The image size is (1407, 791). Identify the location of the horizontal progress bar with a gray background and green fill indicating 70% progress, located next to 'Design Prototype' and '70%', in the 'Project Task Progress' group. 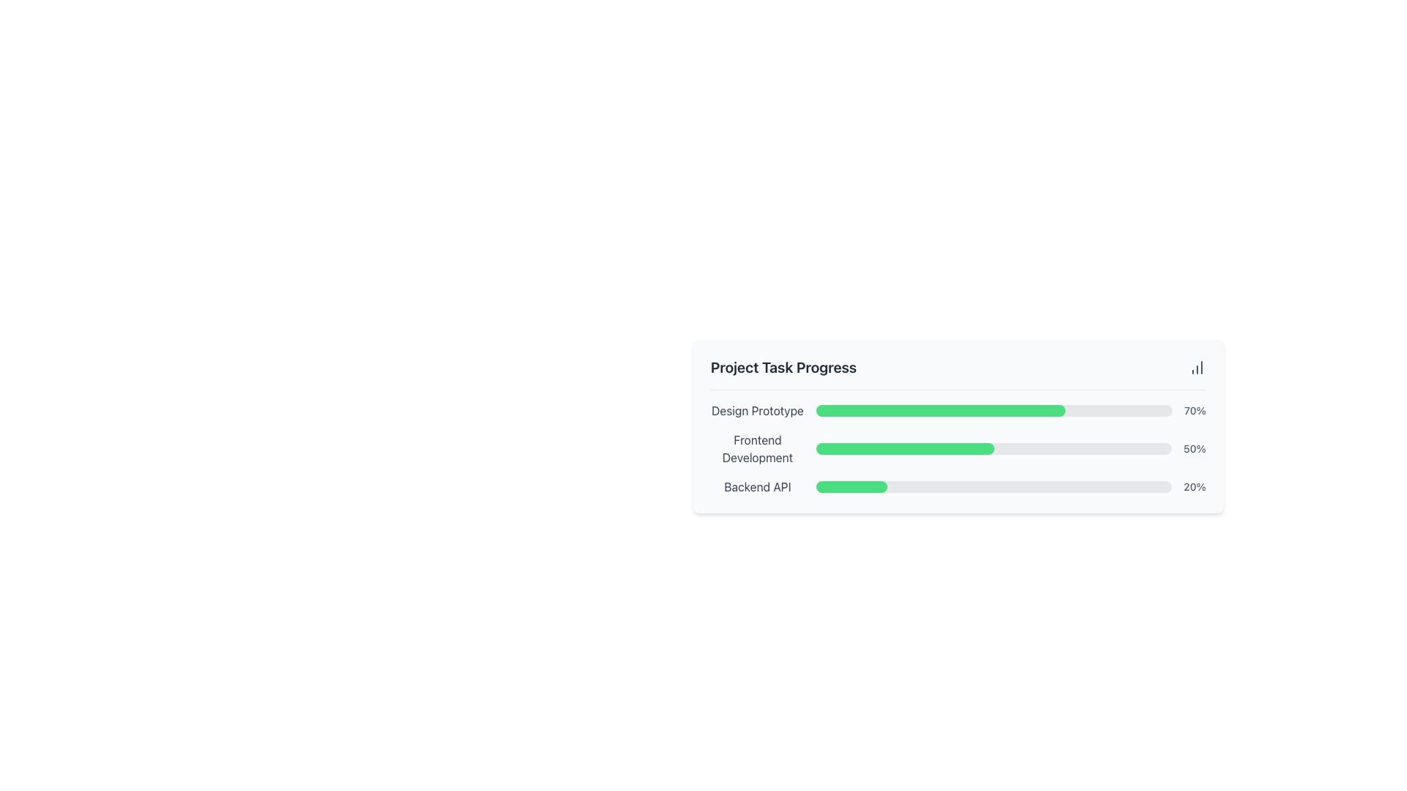
(994, 410).